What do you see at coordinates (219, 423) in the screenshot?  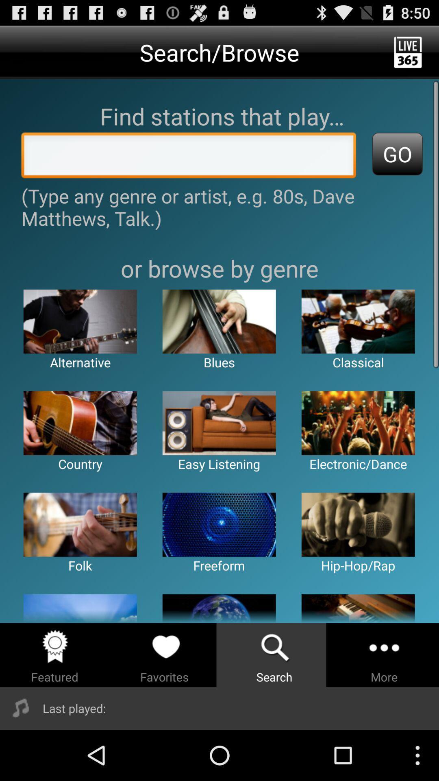 I see `the image below blues` at bounding box center [219, 423].